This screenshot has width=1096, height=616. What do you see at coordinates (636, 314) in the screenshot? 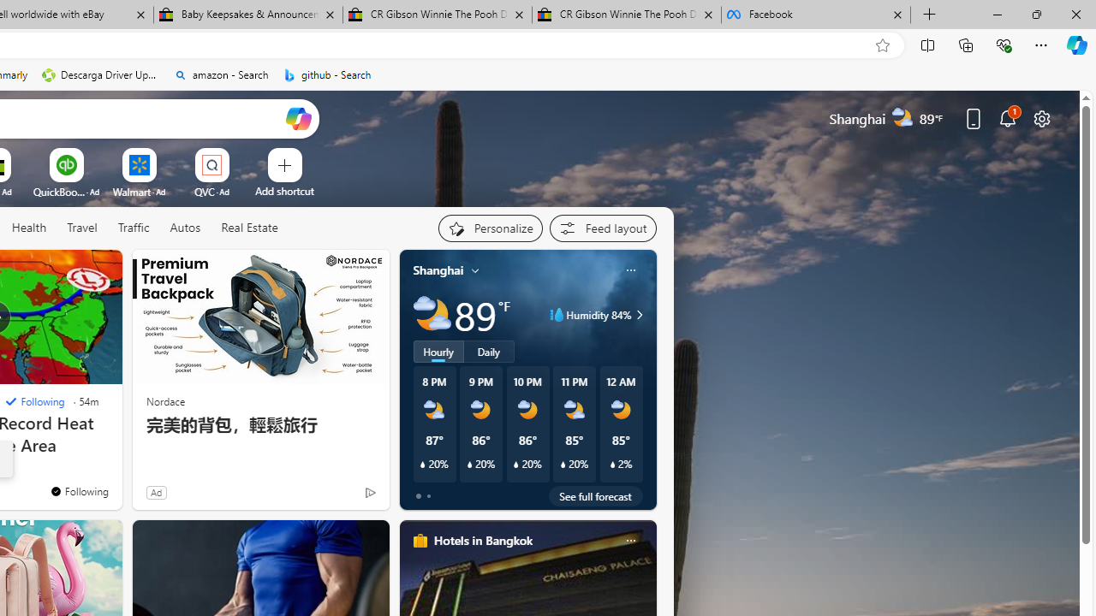
I see `'Humidity 84%'` at bounding box center [636, 314].